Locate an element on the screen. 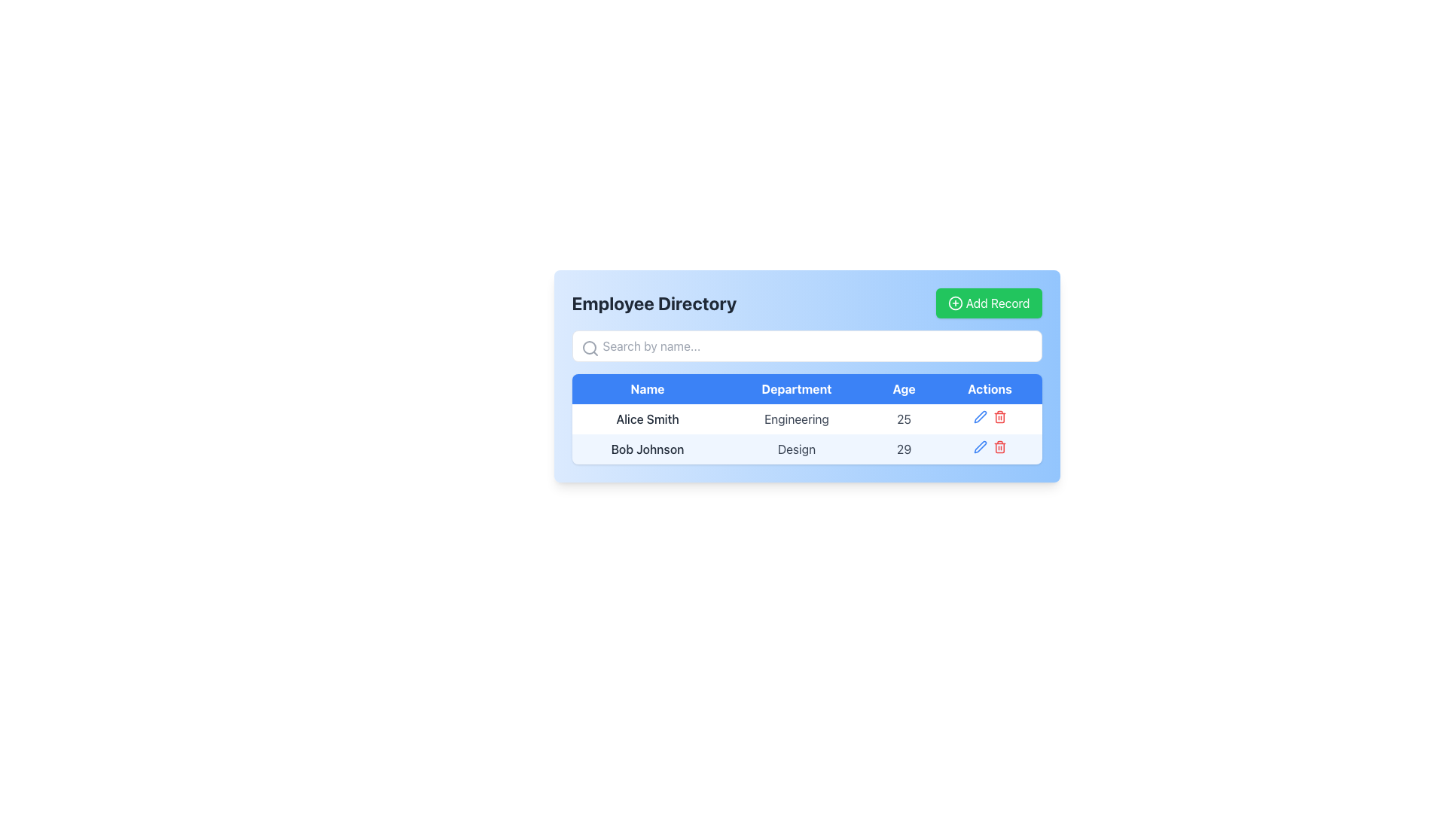  the blue pen icon in the 'Actions' column of the second row corresponding to employee 'Bob Johnson' is located at coordinates (980, 417).